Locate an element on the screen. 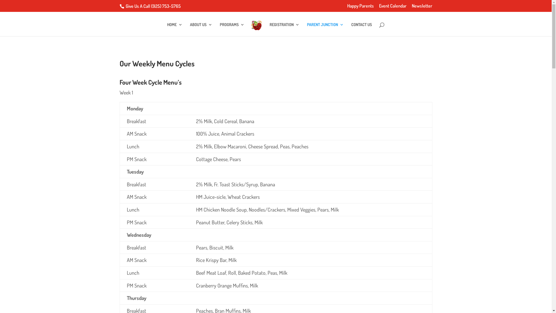 Image resolution: width=556 pixels, height=313 pixels. 'PROGRAMS' is located at coordinates (219, 29).